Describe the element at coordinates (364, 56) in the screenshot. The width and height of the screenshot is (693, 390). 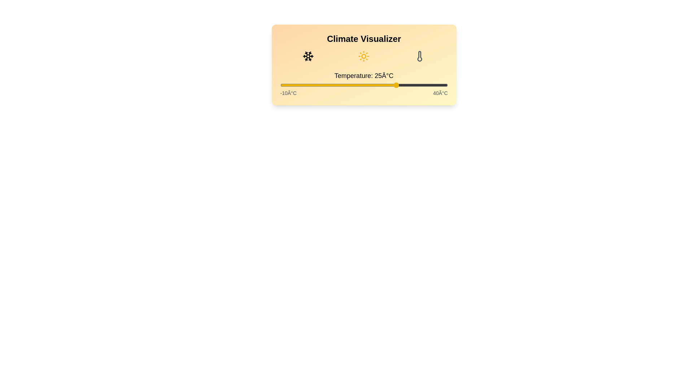
I see `the weather condition icon to change the displayed condition to Sunny` at that location.